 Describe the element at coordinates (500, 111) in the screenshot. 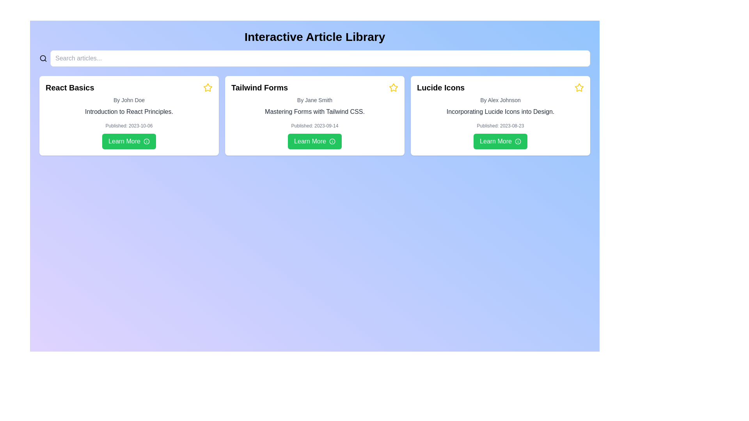

I see `the static text element that serves as the title or description of an article, located within the third card, between 'By Alex Johnson' and 'Published: 2023-08-23'` at that location.